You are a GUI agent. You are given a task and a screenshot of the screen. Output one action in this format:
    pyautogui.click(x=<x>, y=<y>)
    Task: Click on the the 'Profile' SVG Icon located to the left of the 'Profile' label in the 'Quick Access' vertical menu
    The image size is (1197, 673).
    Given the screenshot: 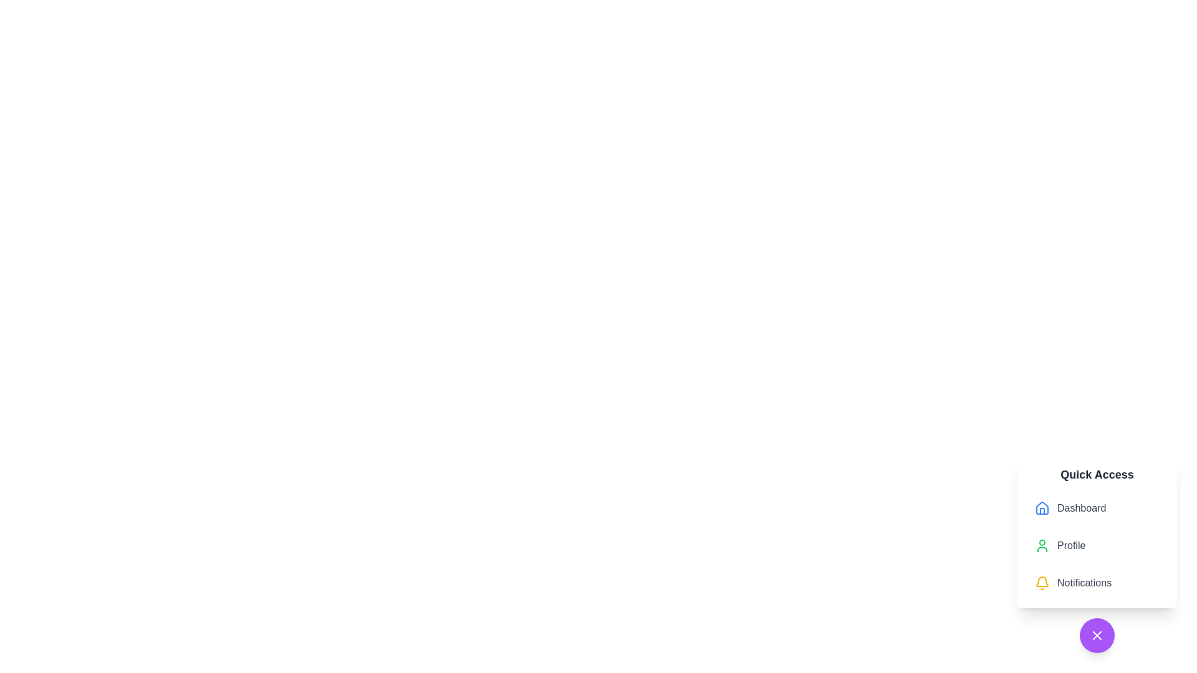 What is the action you would take?
    pyautogui.click(x=1042, y=545)
    